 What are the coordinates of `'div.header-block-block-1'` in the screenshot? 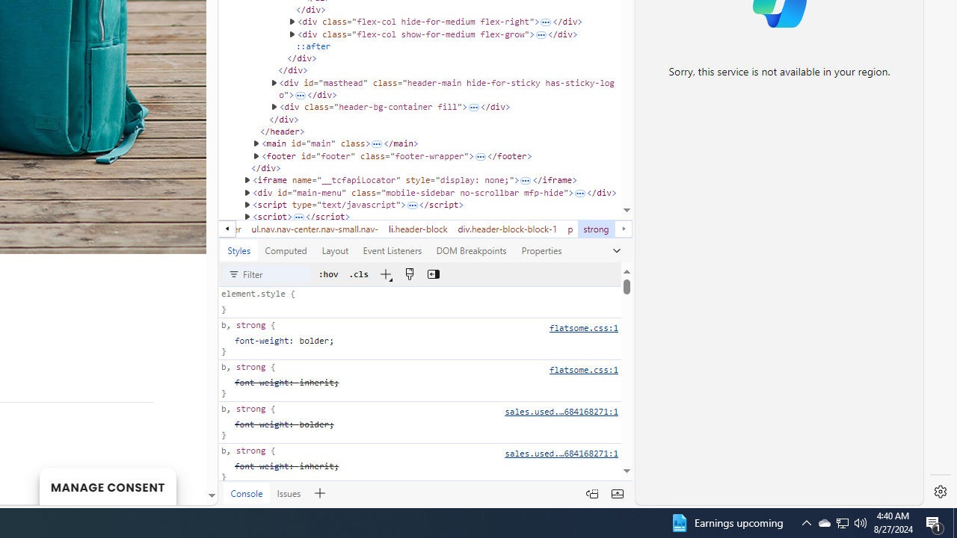 It's located at (508, 229).